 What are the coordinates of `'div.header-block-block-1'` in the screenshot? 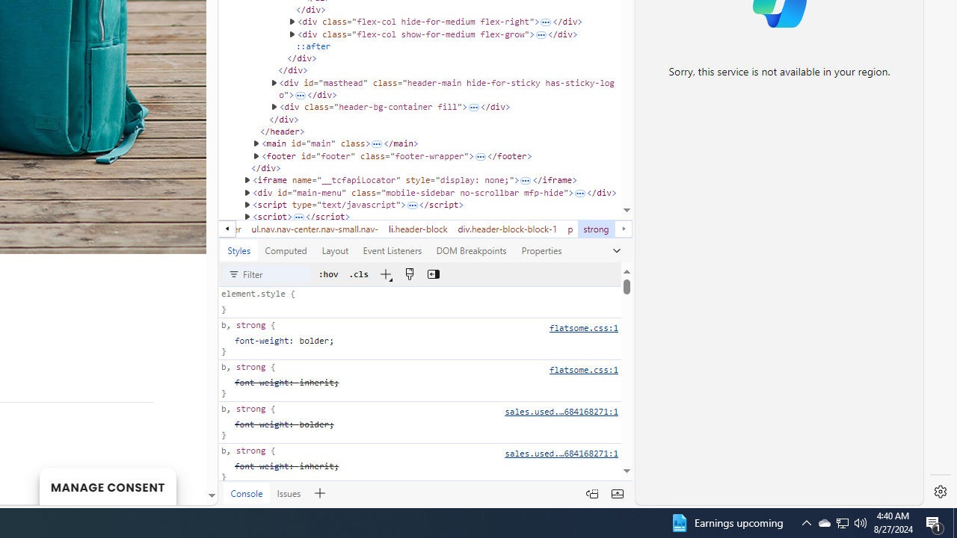 It's located at (508, 229).